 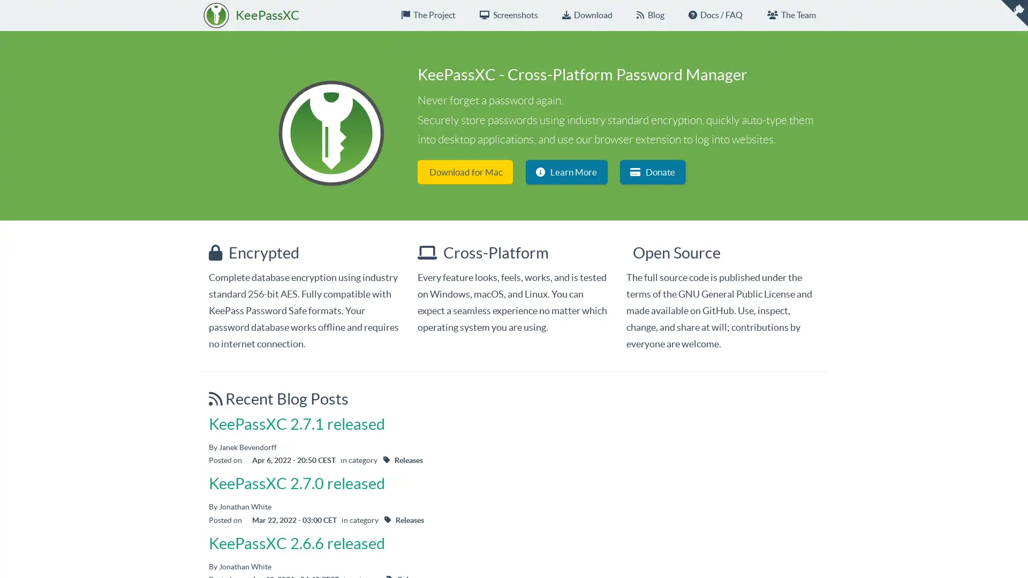 I want to click on Donate, so click(x=652, y=171).